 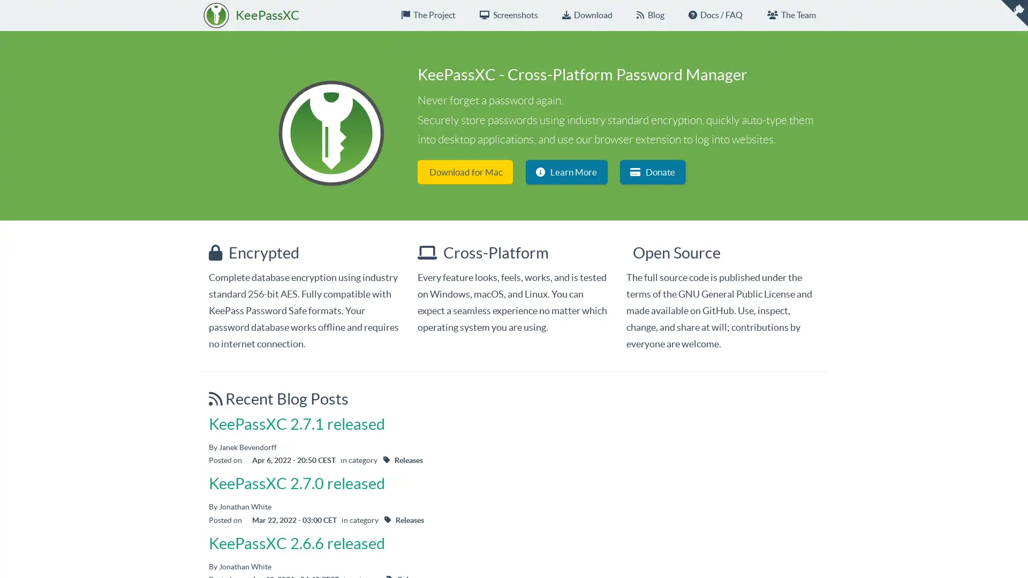 I want to click on Donate, so click(x=652, y=171).